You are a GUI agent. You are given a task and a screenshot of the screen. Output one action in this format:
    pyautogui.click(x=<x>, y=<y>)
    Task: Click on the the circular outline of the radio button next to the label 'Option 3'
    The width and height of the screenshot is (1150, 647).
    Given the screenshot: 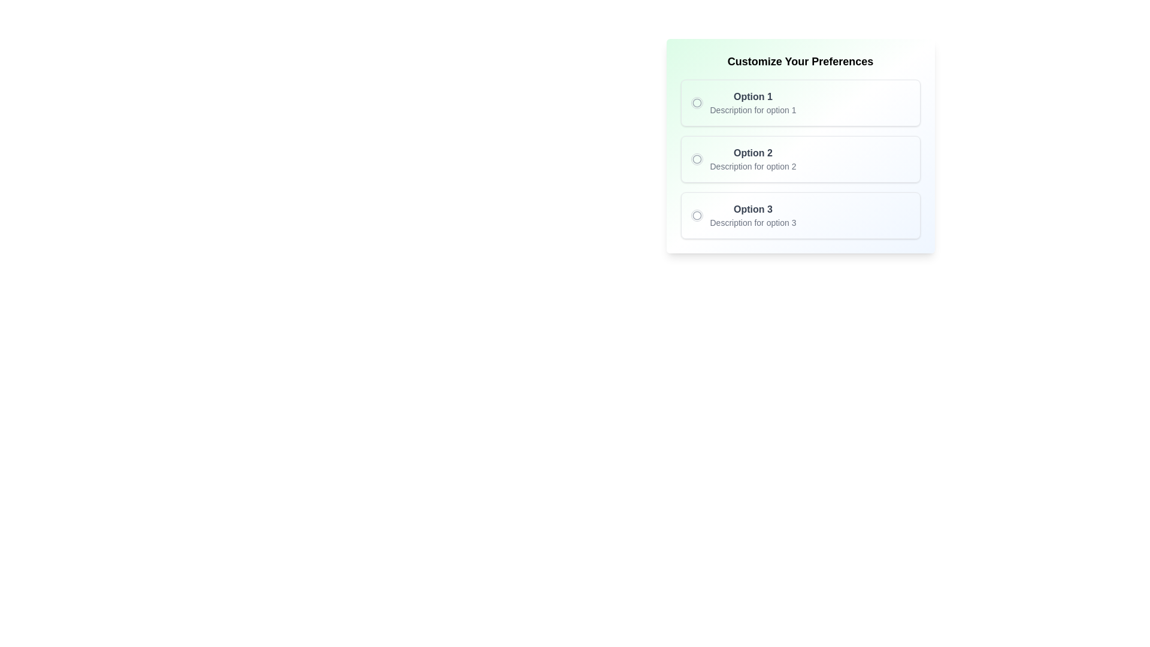 What is the action you would take?
    pyautogui.click(x=697, y=214)
    